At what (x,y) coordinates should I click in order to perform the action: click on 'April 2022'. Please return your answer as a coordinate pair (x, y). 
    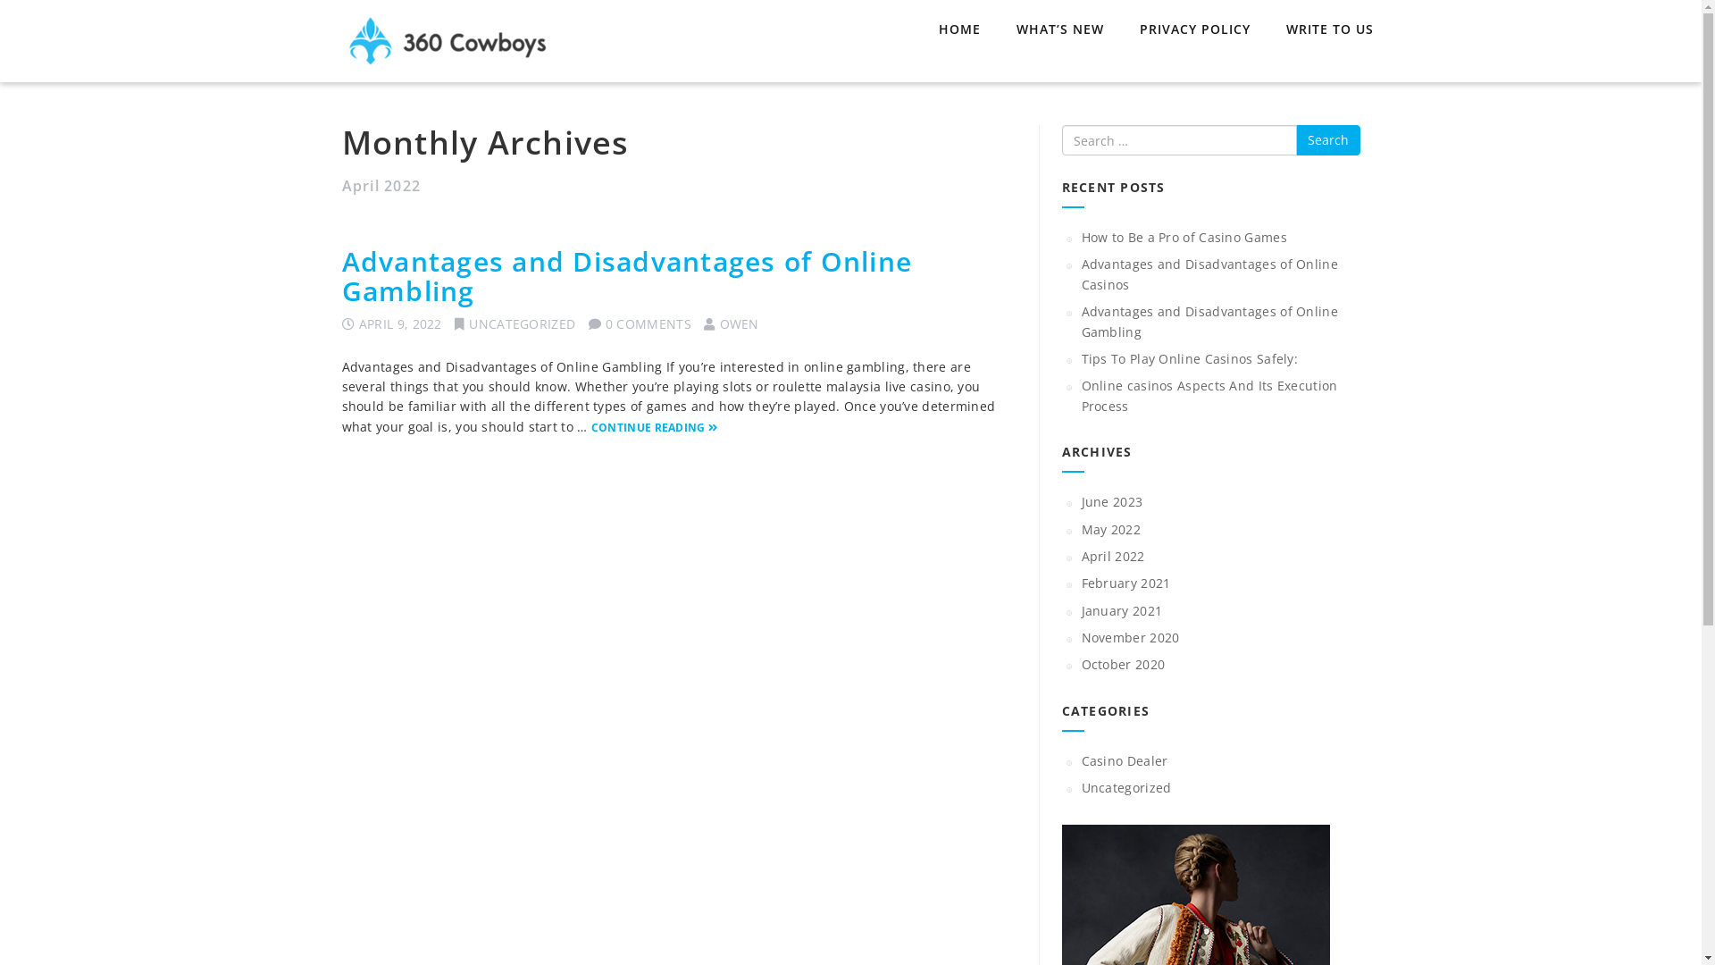
    Looking at the image, I should click on (1111, 555).